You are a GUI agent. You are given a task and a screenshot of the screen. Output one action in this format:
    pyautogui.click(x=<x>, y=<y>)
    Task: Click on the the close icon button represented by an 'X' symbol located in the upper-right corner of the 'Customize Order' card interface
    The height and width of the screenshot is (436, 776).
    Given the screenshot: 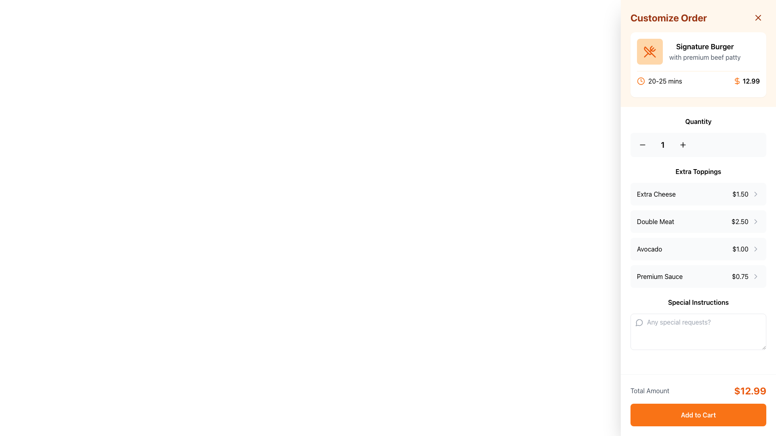 What is the action you would take?
    pyautogui.click(x=758, y=17)
    